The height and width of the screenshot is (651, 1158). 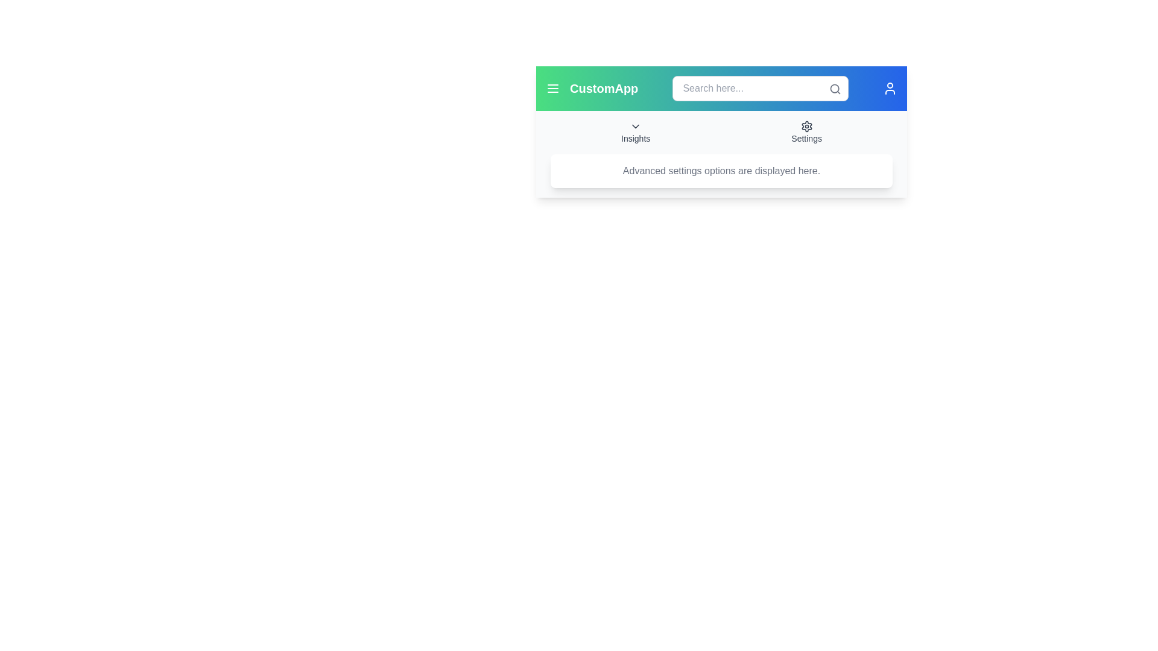 I want to click on the descriptive label that provides context about advanced settings, located centrally below the header section of the interface, so click(x=721, y=171).